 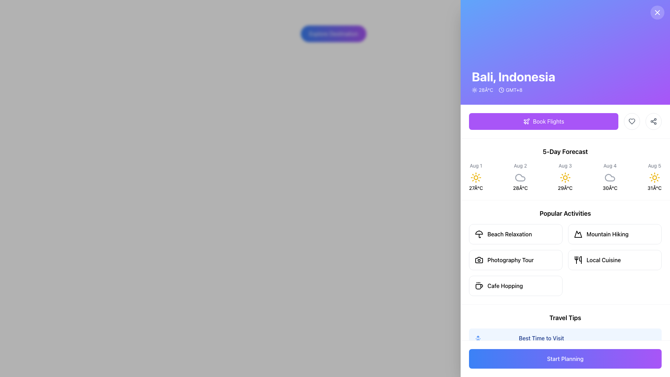 What do you see at coordinates (539, 370) in the screenshot?
I see `the text label reading 'Local Customs' styled with a medium-weight font and dark purple color, positioned above the subtitle in the 'Travel Tips' section` at bounding box center [539, 370].